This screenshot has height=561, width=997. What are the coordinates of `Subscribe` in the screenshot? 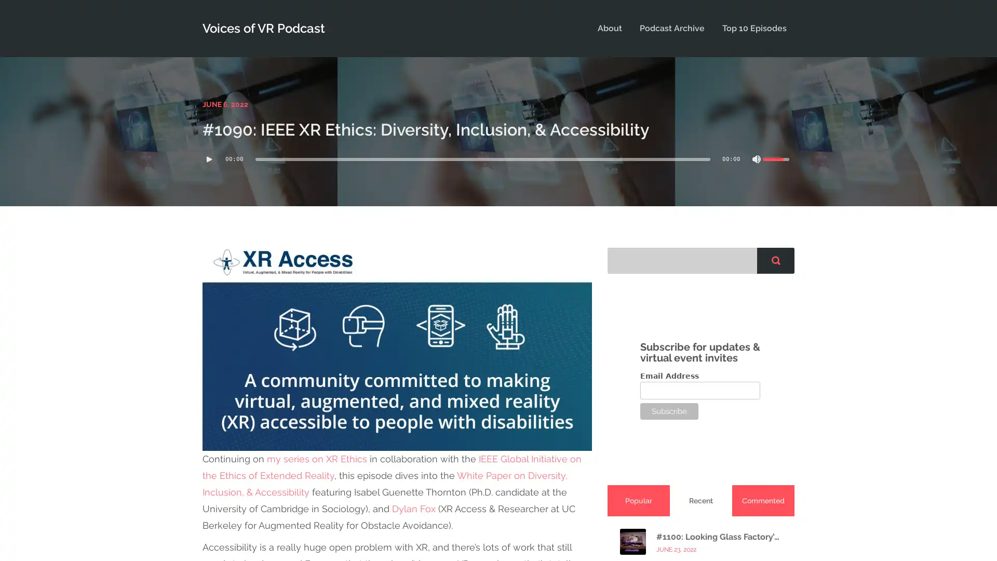 It's located at (669, 410).